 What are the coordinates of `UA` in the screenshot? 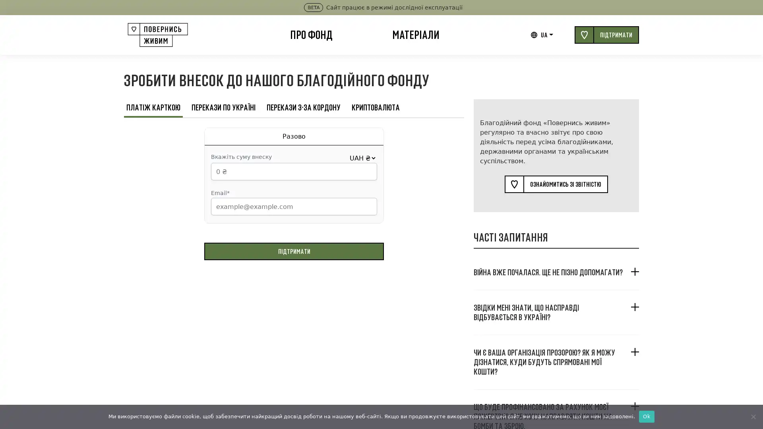 It's located at (546, 35).